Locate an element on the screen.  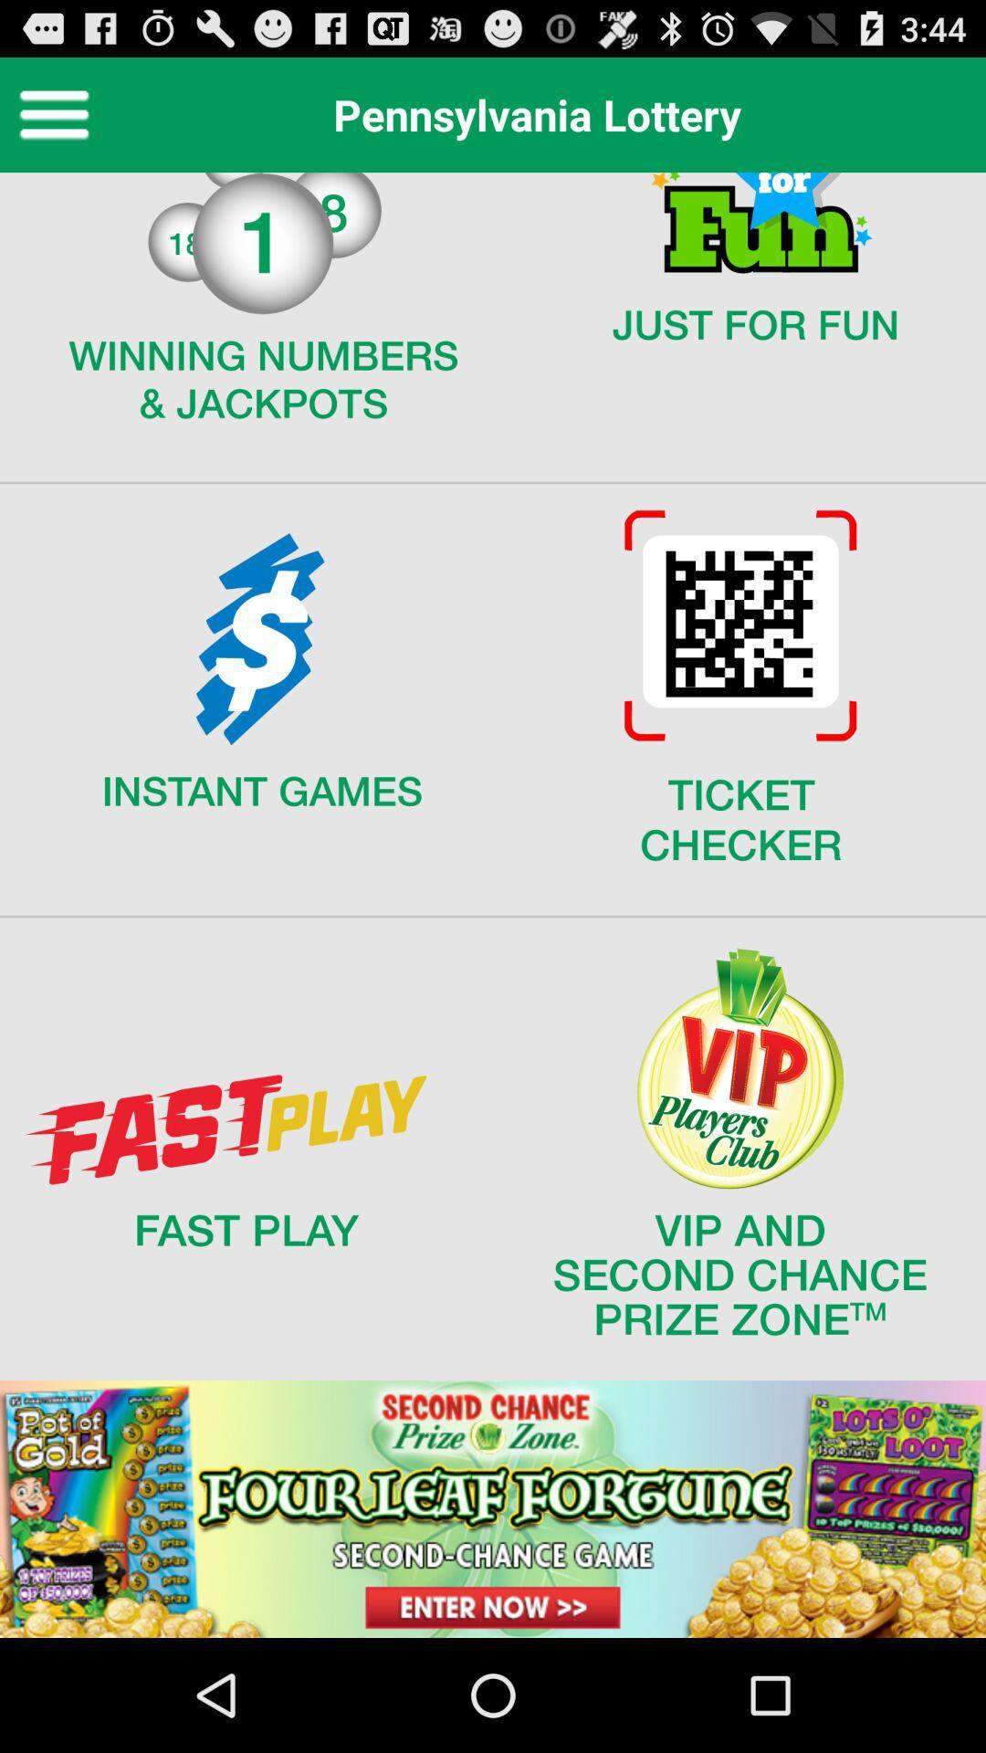
different pages is located at coordinates (493, 905).